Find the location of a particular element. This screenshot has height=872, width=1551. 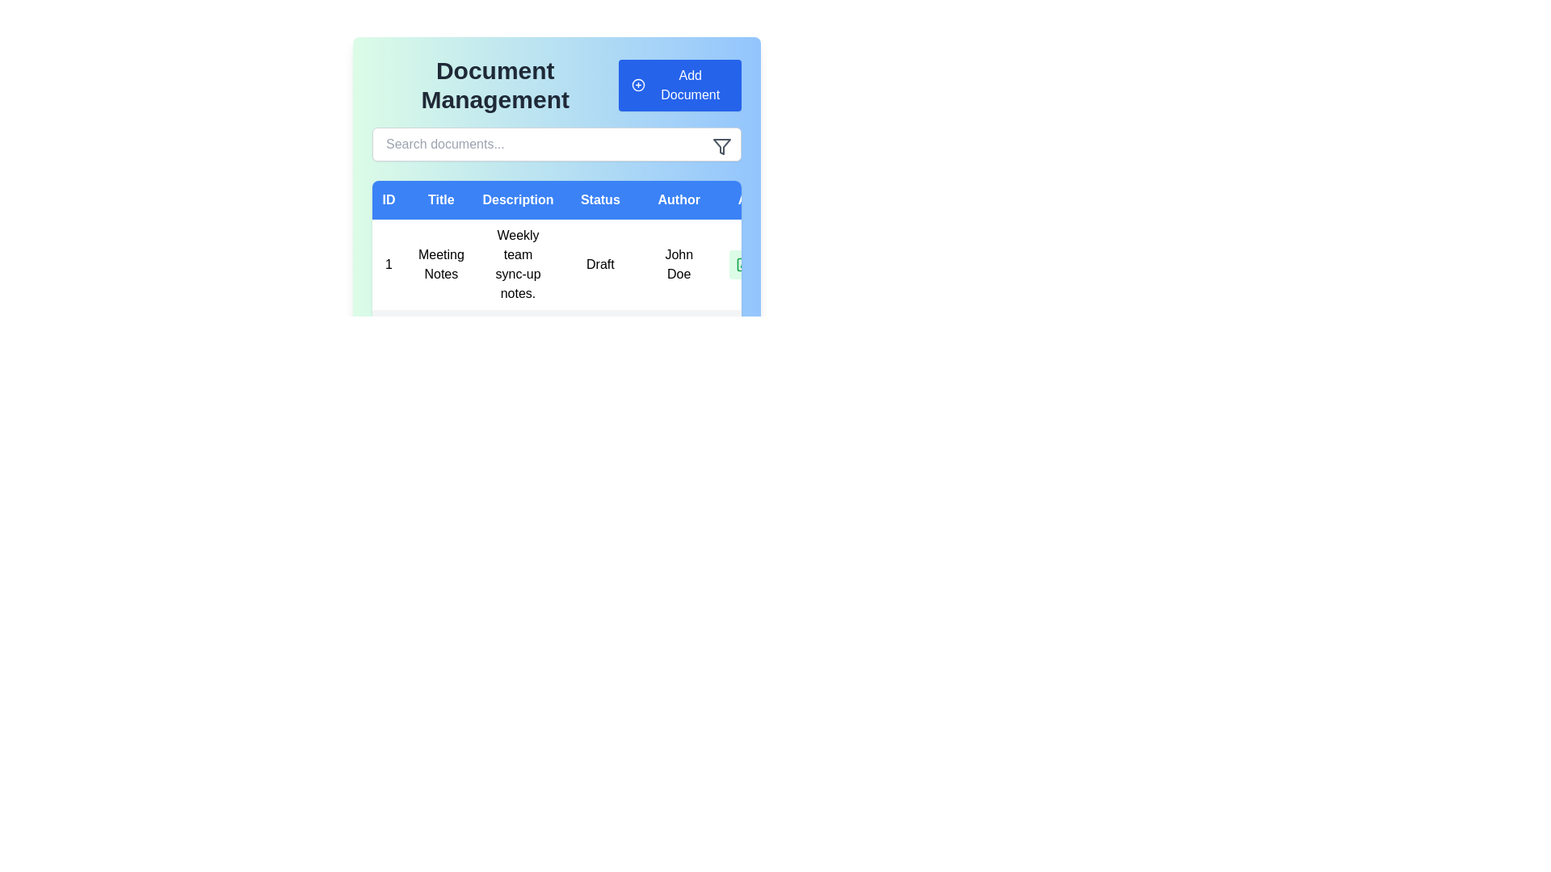

the edit icon located in the 'Author' column of the table for the 'Meeting Notes' entry is located at coordinates (745, 262).